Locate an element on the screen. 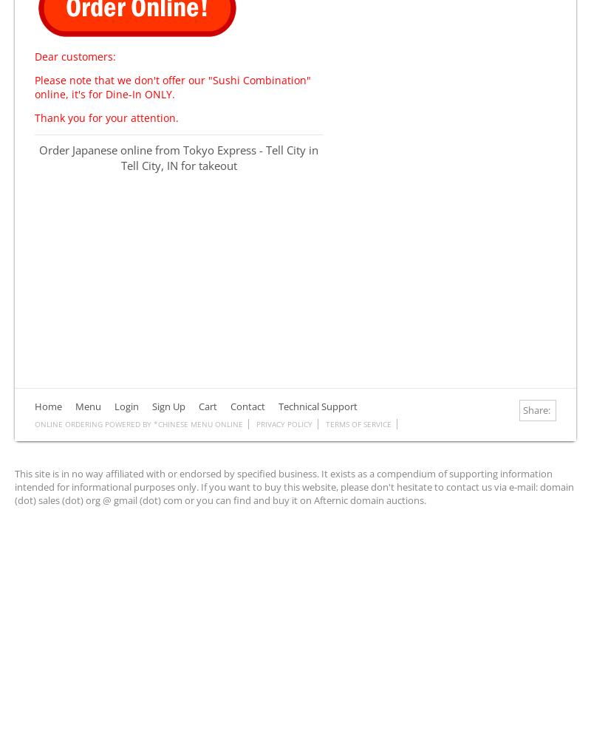  'Technical Support' is located at coordinates (318, 406).